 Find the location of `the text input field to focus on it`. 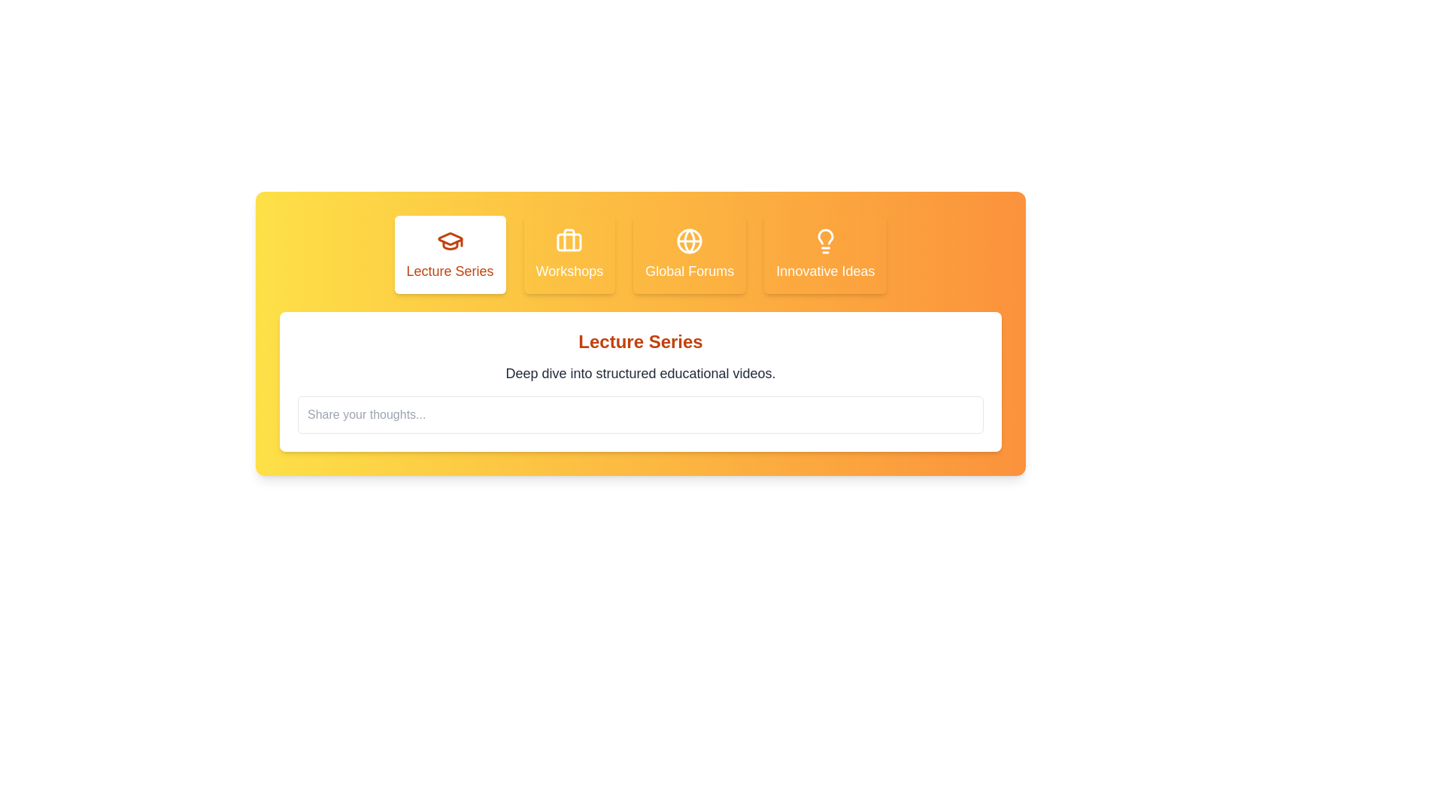

the text input field to focus on it is located at coordinates (640, 414).